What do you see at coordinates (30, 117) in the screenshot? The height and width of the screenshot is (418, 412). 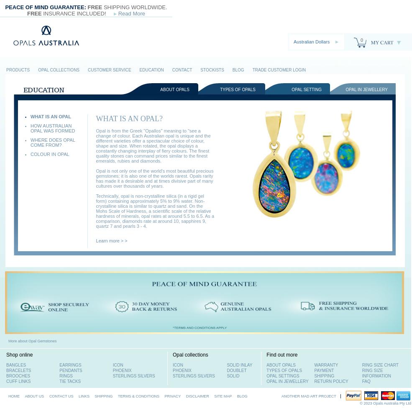 I see `'WHAT IS AN OPAL'` at bounding box center [30, 117].